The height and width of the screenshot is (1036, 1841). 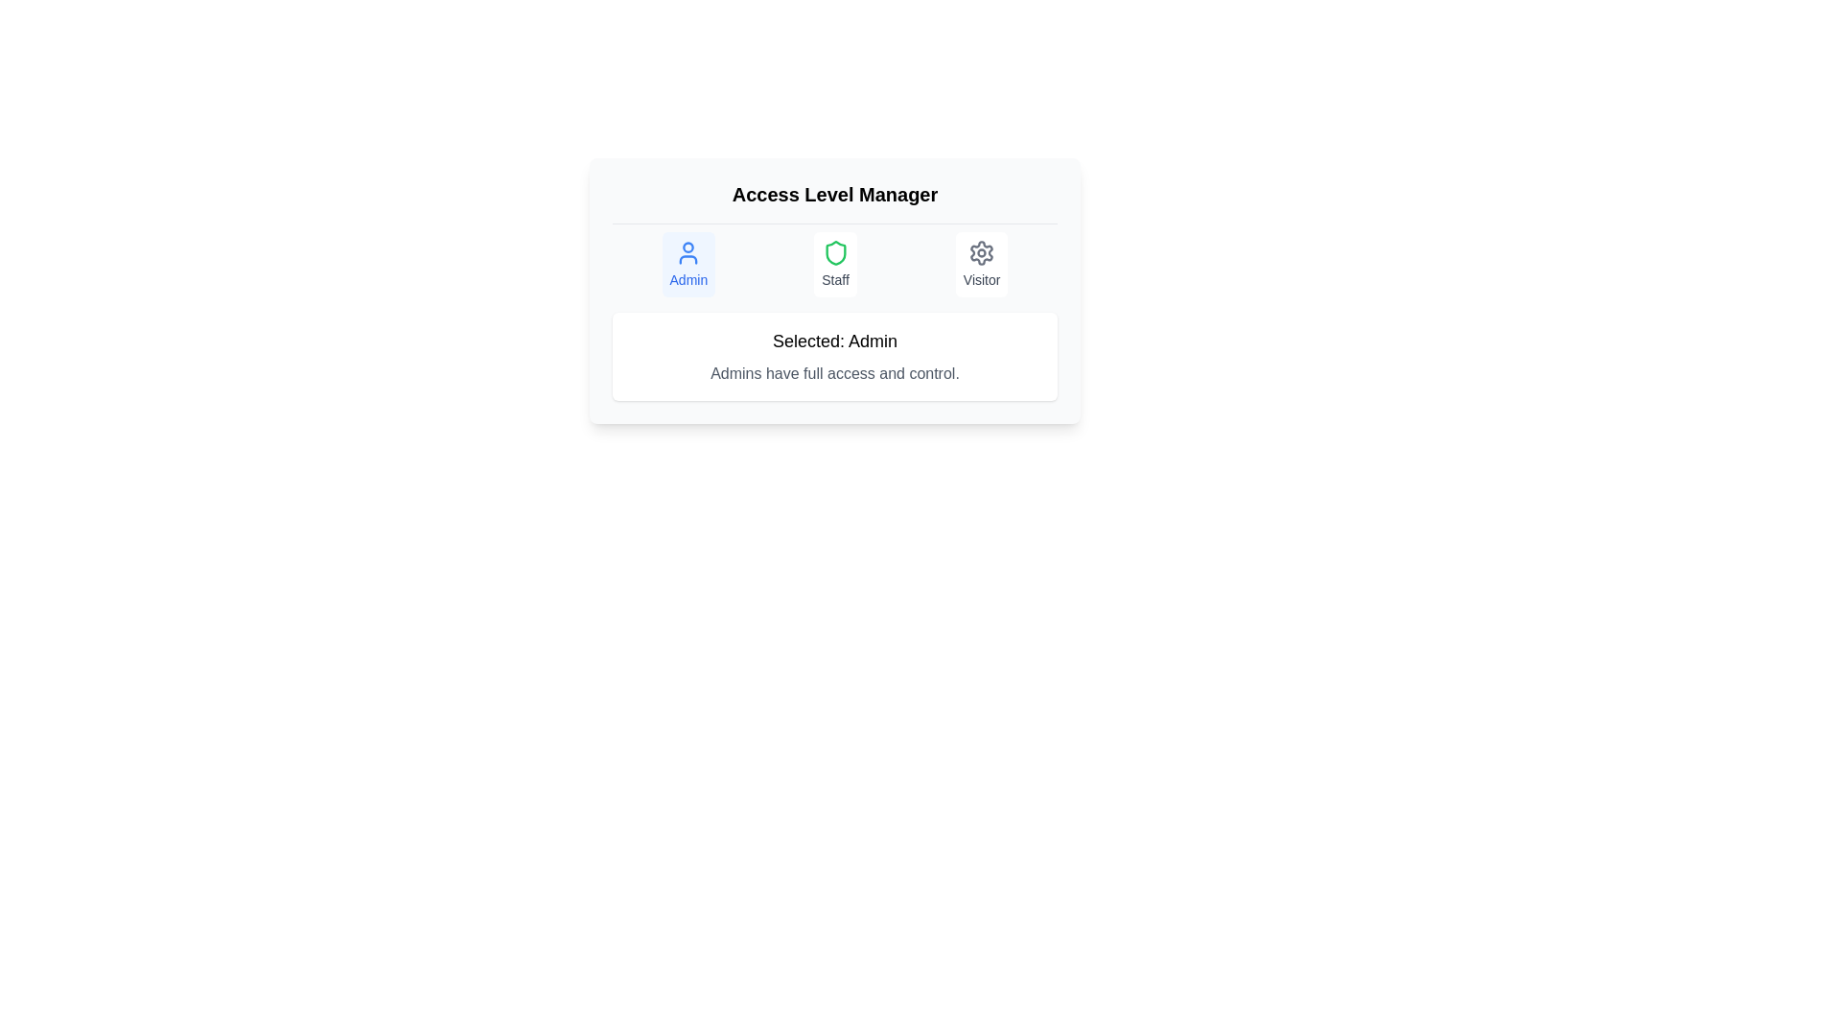 What do you see at coordinates (982, 251) in the screenshot?
I see `the cogwheel icon representing the 'Visitor' access level located in the bottom-right corner of the 'Visitor' card` at bounding box center [982, 251].